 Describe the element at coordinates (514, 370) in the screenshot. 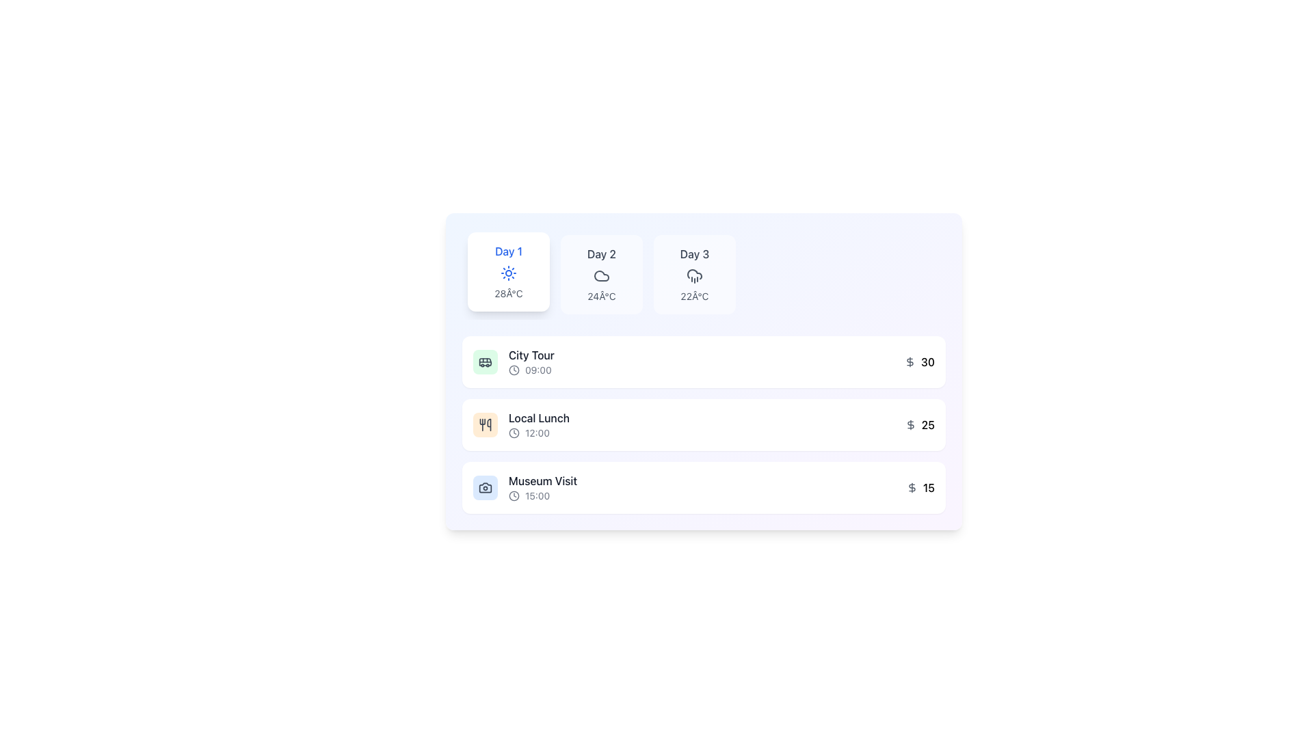

I see `the clock icon located to the left of the text '09:00' in the middle row of the schedule under 'City Tour'` at that location.